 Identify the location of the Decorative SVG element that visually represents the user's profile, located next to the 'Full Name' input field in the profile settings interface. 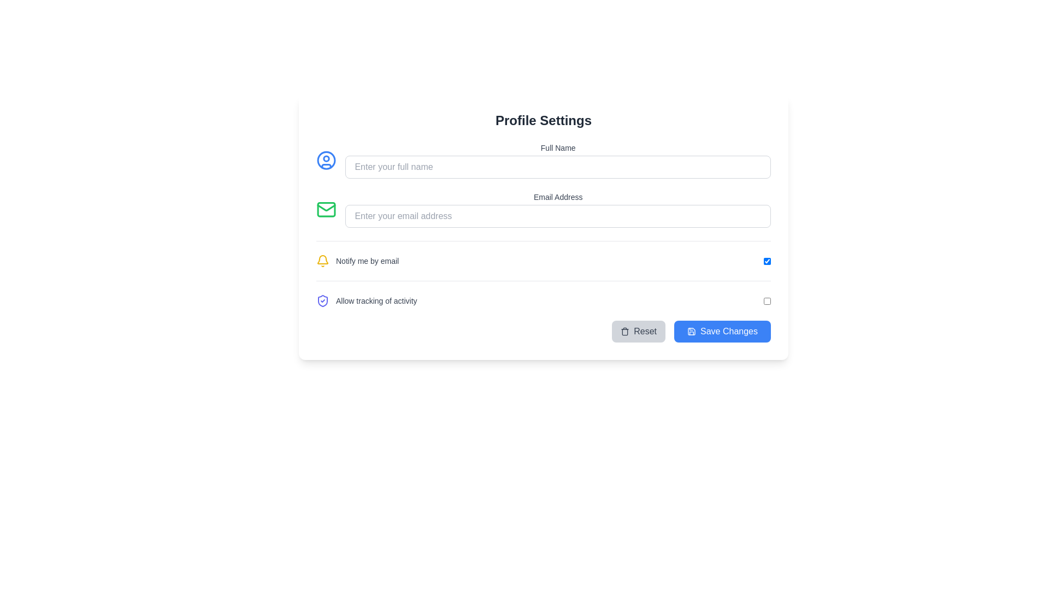
(326, 166).